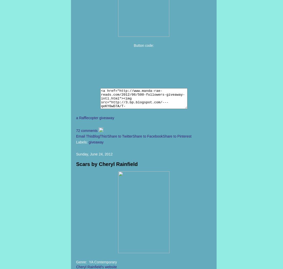 This screenshot has width=283, height=269. Describe the element at coordinates (88, 142) in the screenshot. I see `'giveaway'` at that location.